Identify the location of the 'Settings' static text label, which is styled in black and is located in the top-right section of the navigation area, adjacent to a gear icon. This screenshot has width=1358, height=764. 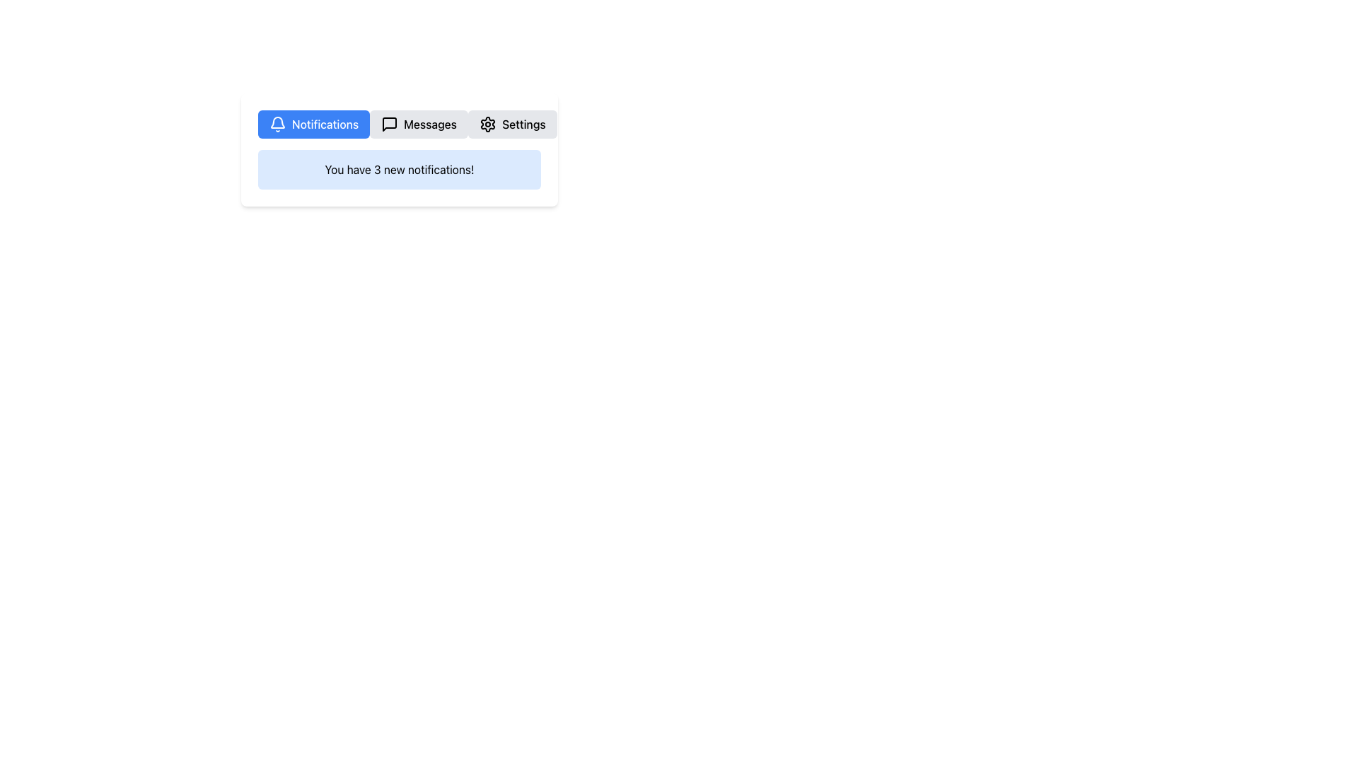
(523, 124).